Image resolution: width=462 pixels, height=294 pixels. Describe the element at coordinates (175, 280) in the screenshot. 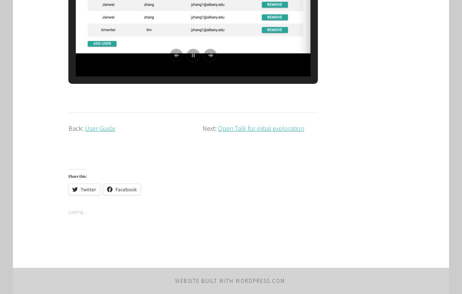

I see `'Website Built with WordPress.com'` at that location.